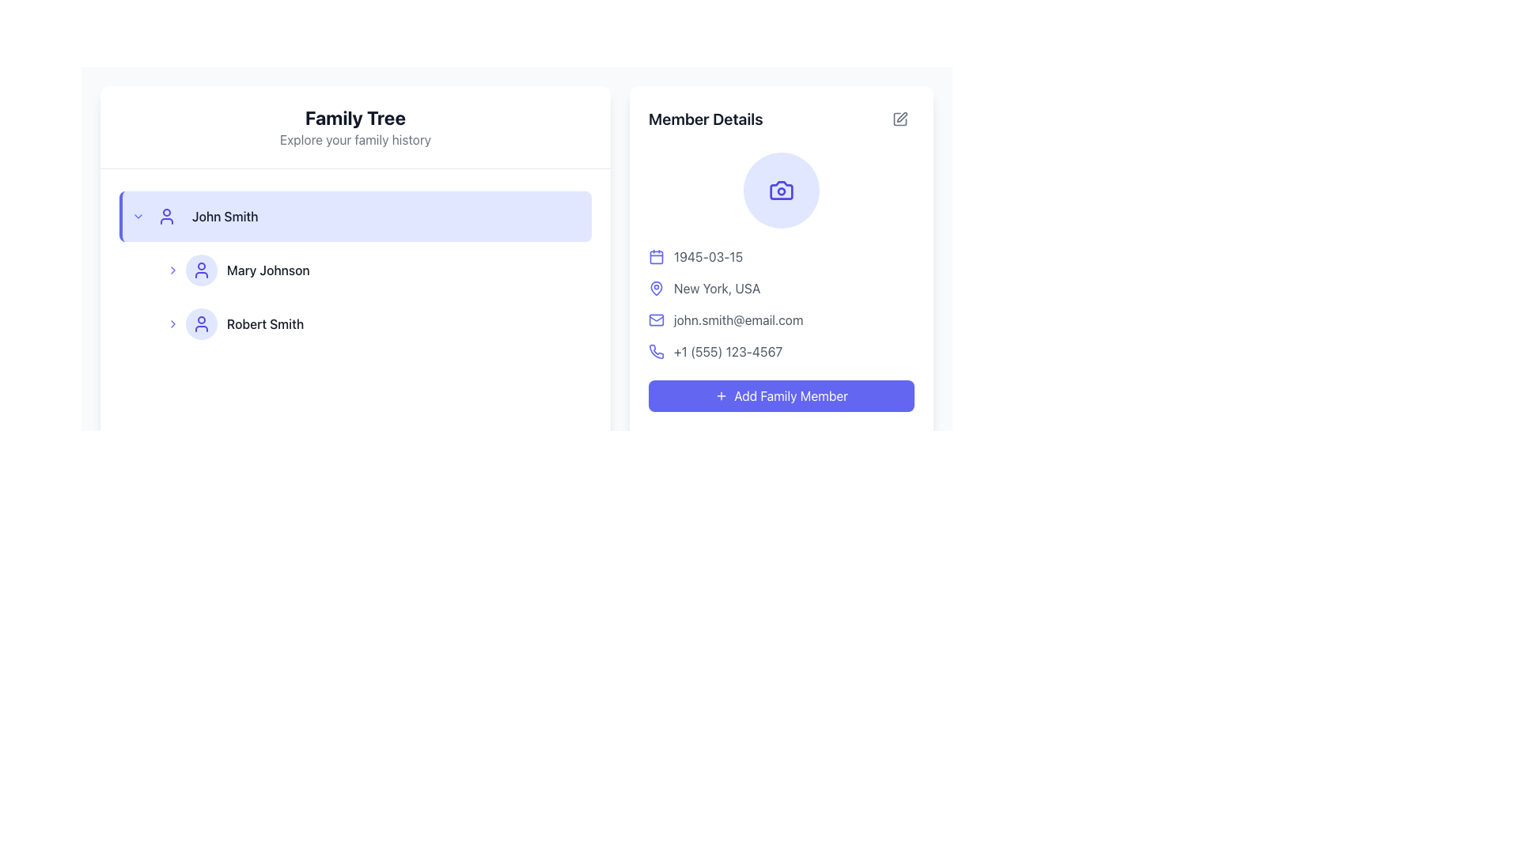 This screenshot has height=854, width=1519. What do you see at coordinates (200, 323) in the screenshot?
I see `the user profile icon in the Family Tree section, located adjacent to the 'Robert Smith' label` at bounding box center [200, 323].